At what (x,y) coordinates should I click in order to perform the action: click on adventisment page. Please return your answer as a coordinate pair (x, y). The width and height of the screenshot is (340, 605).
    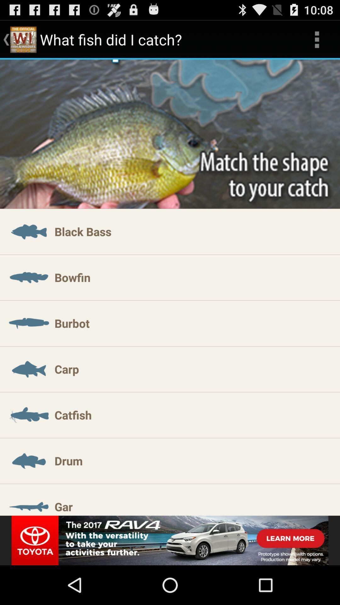
    Looking at the image, I should click on (170, 540).